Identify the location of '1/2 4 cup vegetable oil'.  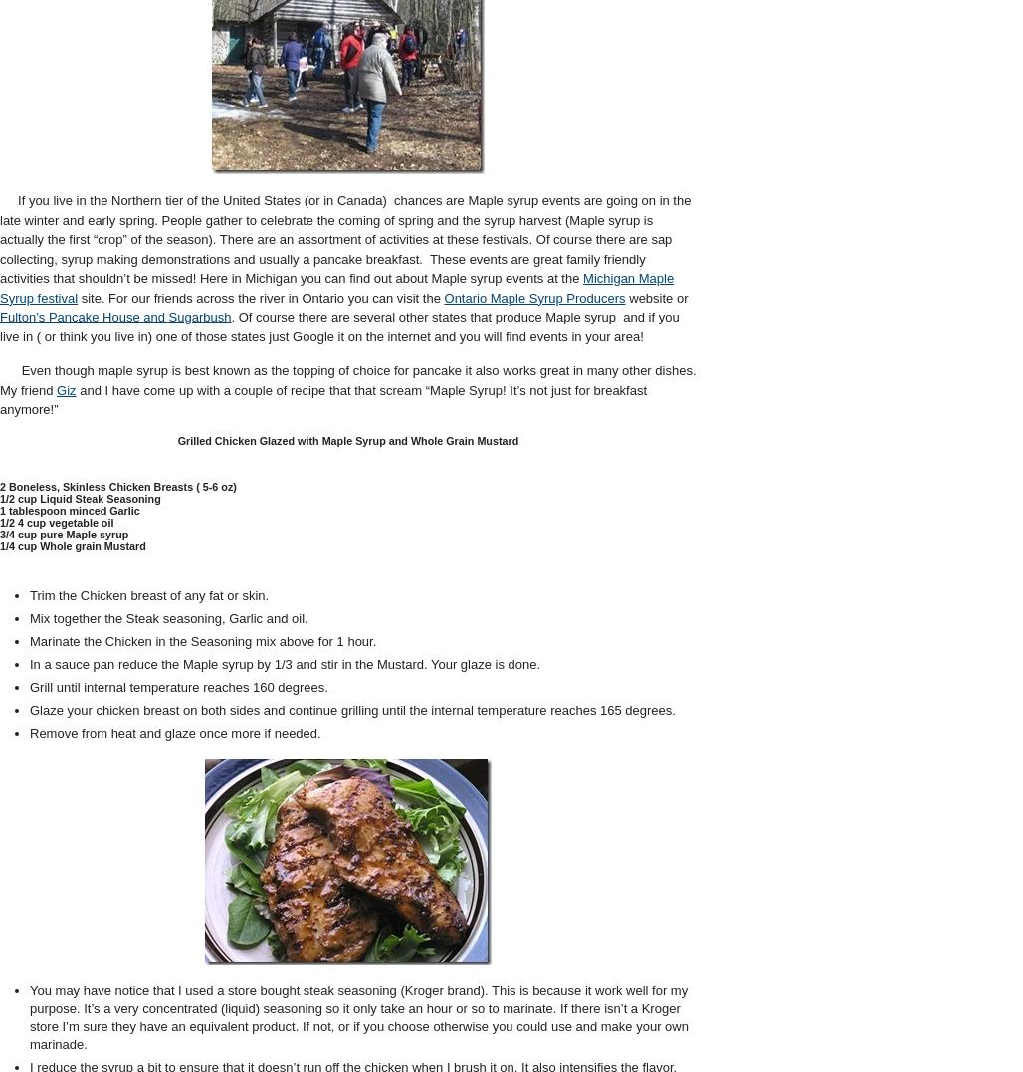
(56, 522).